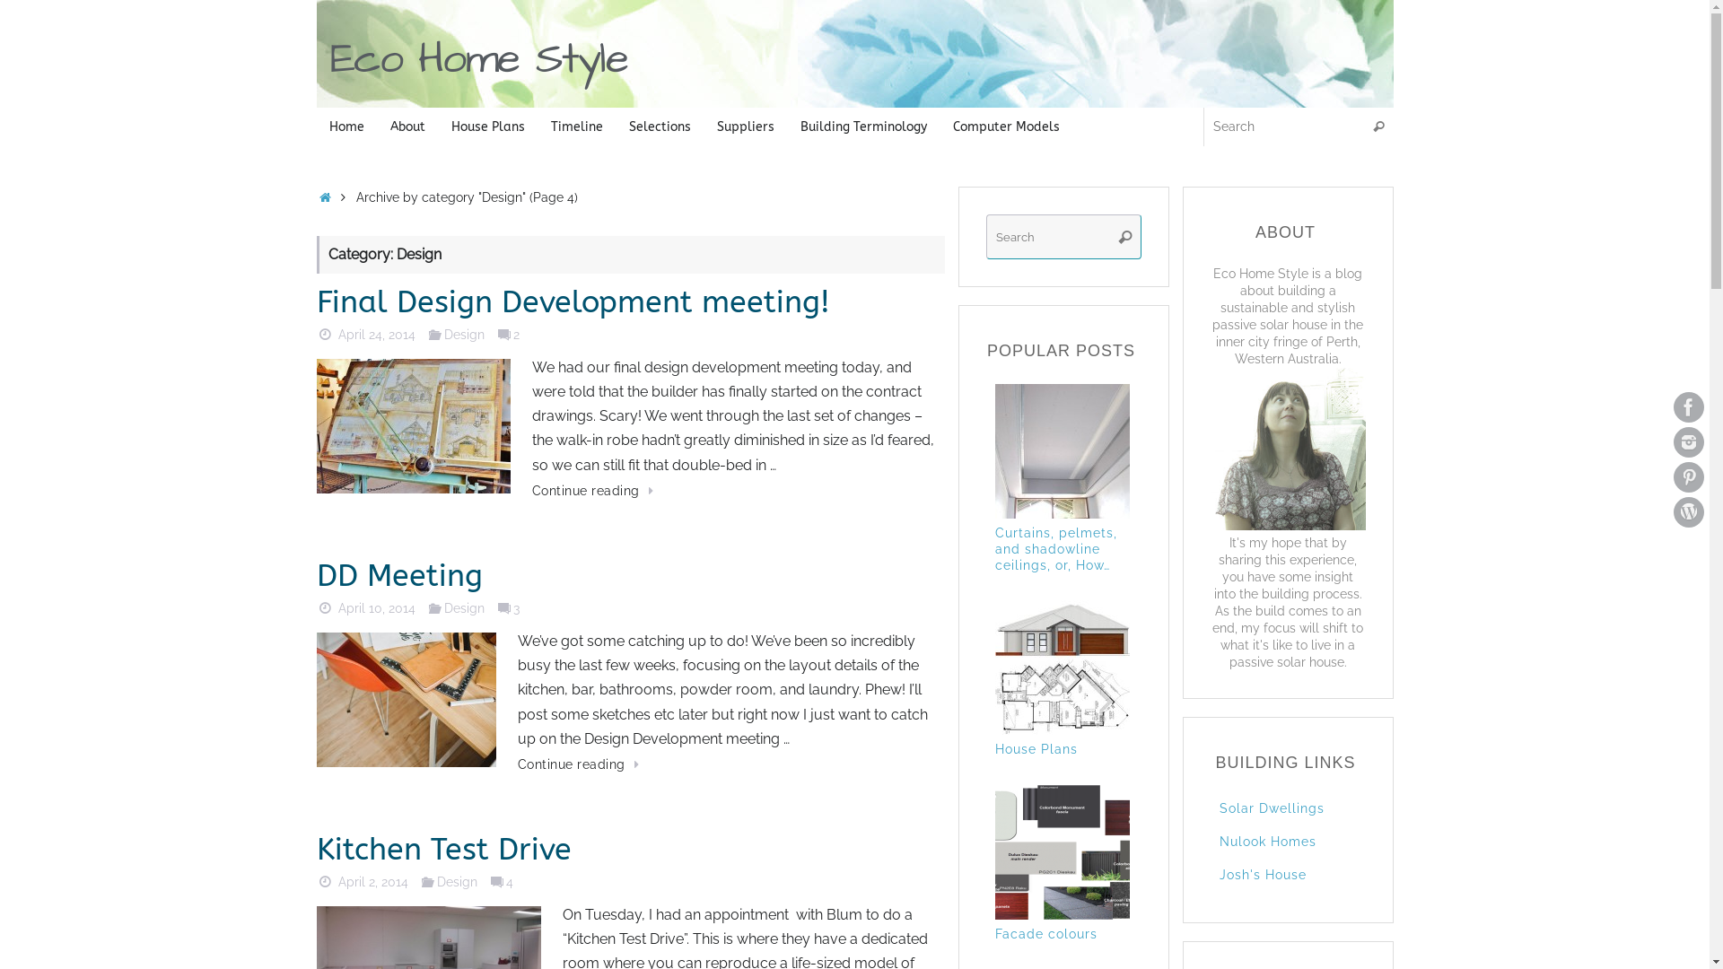 This screenshot has width=1723, height=969. What do you see at coordinates (506, 607) in the screenshot?
I see `'3'` at bounding box center [506, 607].